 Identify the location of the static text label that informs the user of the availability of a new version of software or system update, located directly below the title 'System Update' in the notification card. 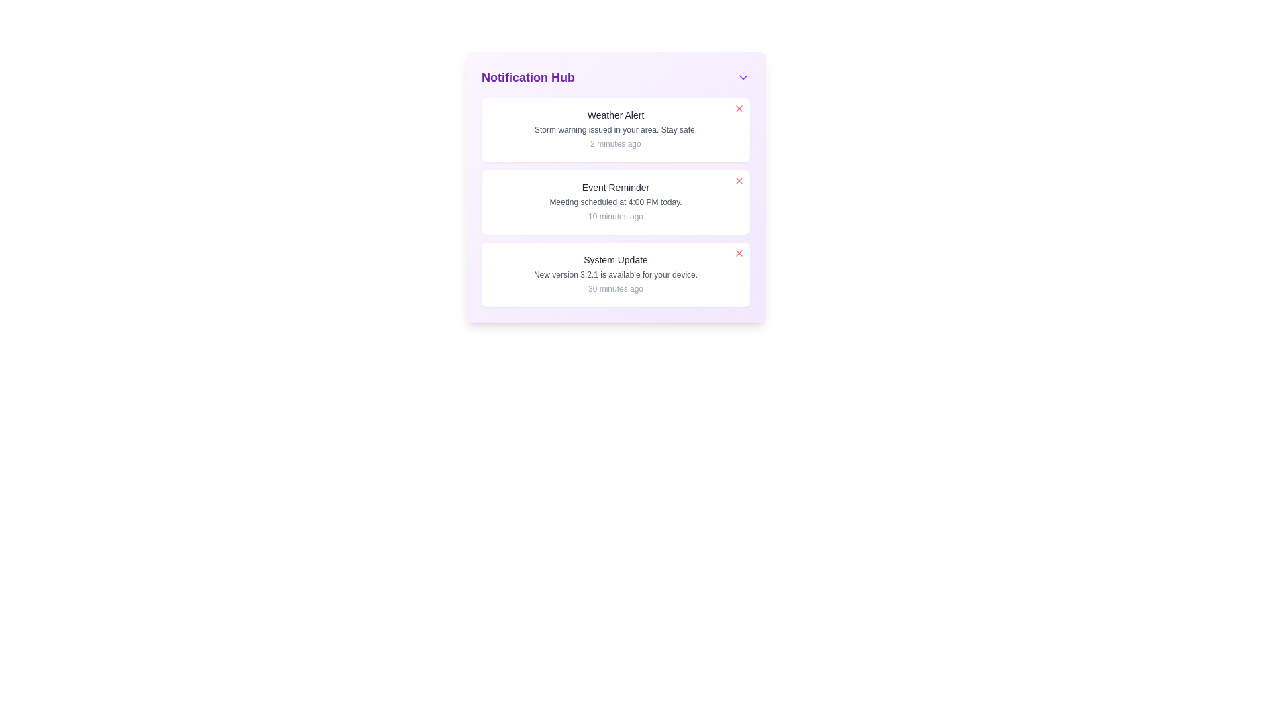
(614, 274).